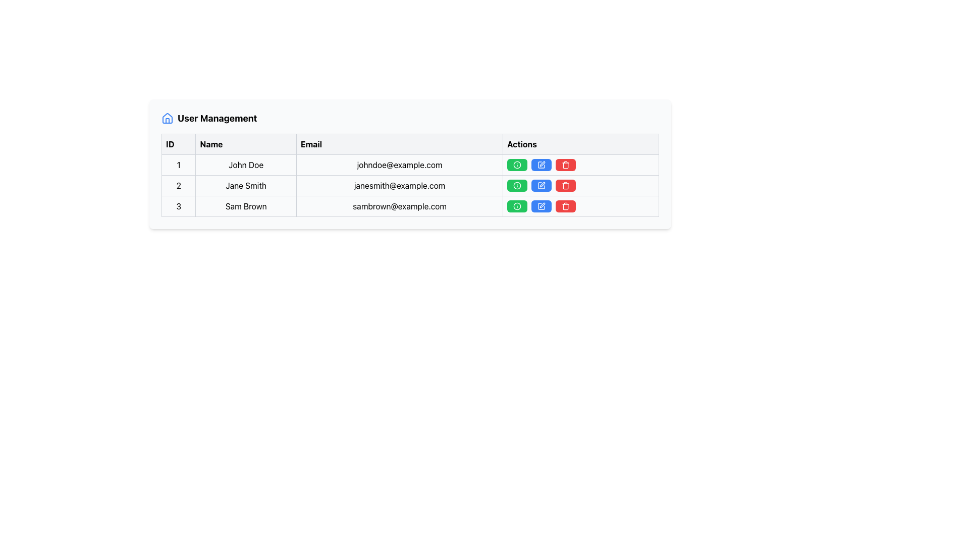 The image size is (969, 545). I want to click on the email address displayed for user 'John Doe', located in the third cell of the first row under the 'Email' column of the data table, so click(399, 165).